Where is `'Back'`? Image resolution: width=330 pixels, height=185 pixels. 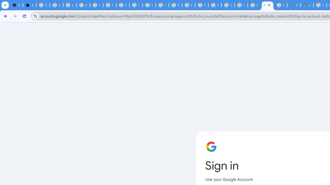 'Back' is located at coordinates (5, 16).